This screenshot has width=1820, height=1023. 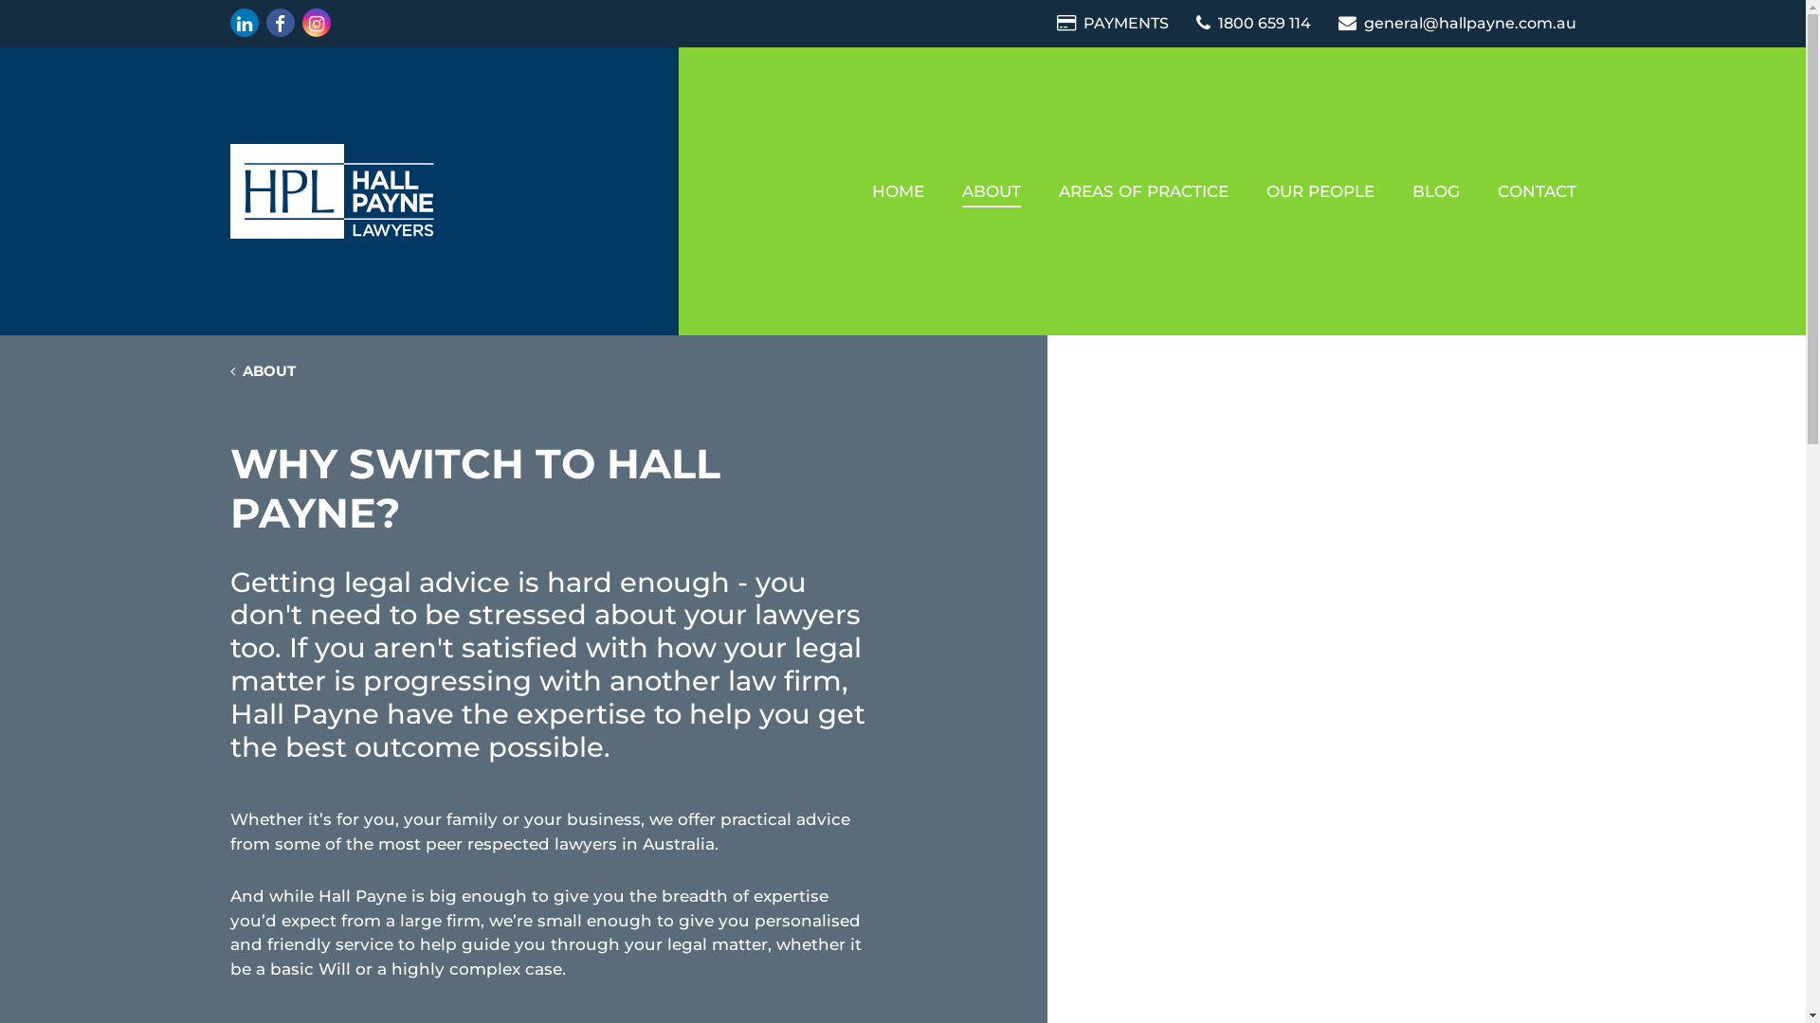 What do you see at coordinates (941, 190) in the screenshot?
I see `'ABOUT'` at bounding box center [941, 190].